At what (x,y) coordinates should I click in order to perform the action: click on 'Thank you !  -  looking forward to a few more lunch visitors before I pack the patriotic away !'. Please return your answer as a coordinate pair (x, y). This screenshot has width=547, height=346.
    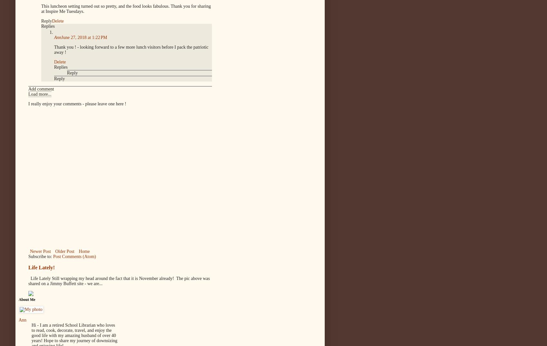
    Looking at the image, I should click on (131, 49).